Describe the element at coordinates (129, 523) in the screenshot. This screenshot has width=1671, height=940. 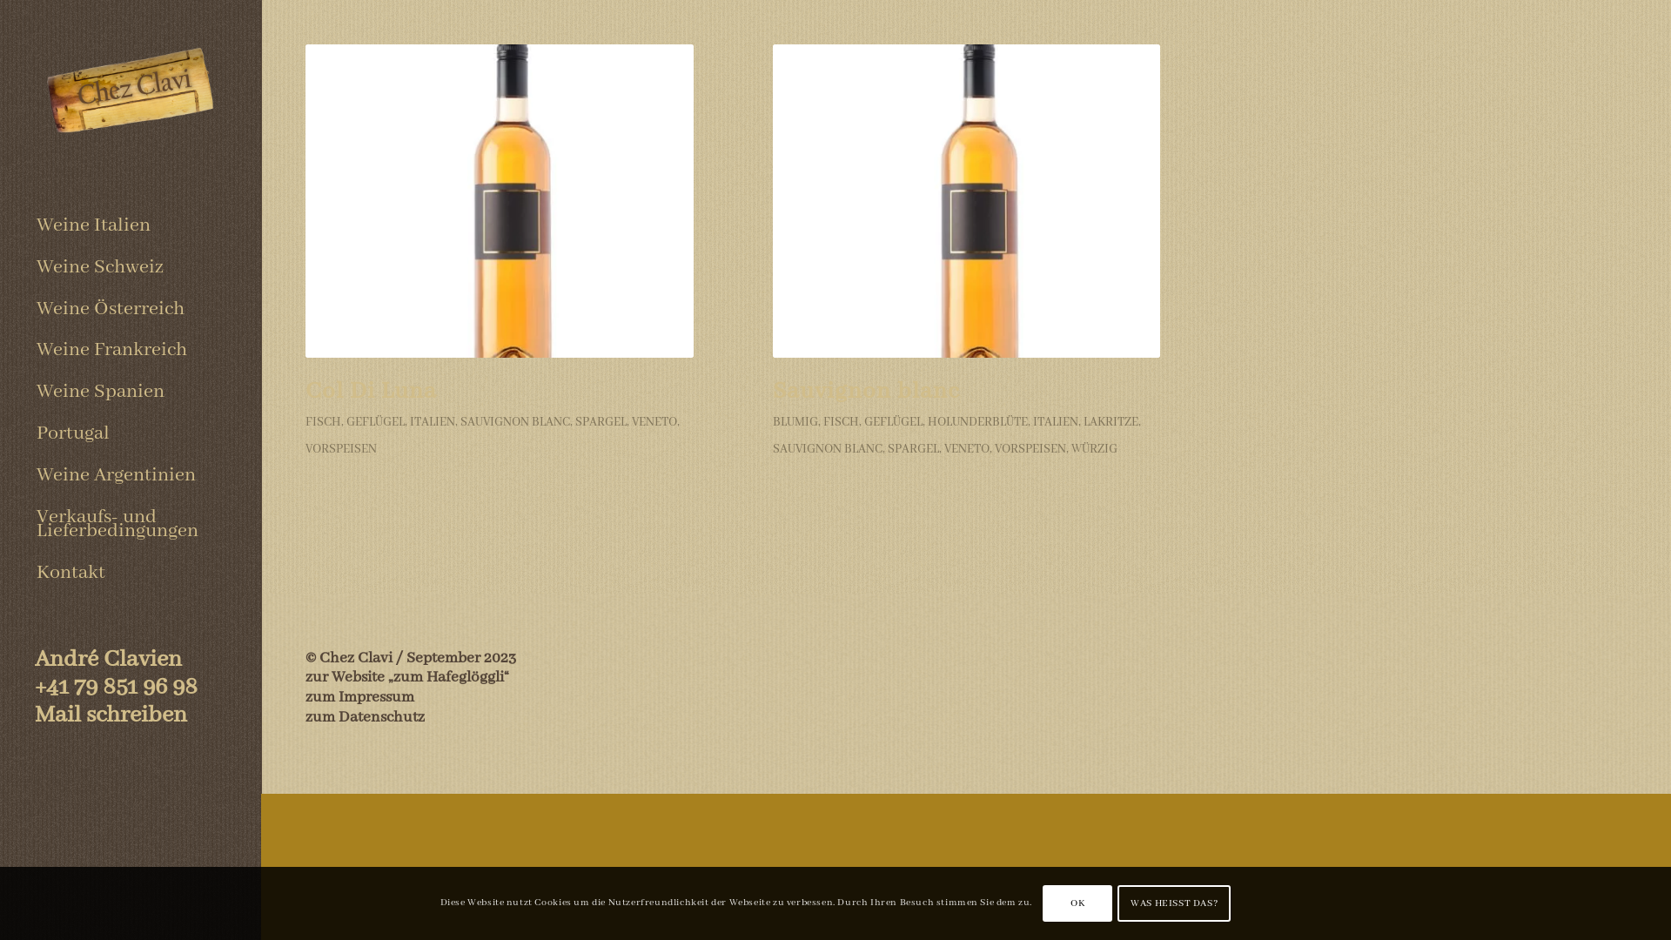
I see `'Verkaufs- und Lieferbedingungen'` at that location.